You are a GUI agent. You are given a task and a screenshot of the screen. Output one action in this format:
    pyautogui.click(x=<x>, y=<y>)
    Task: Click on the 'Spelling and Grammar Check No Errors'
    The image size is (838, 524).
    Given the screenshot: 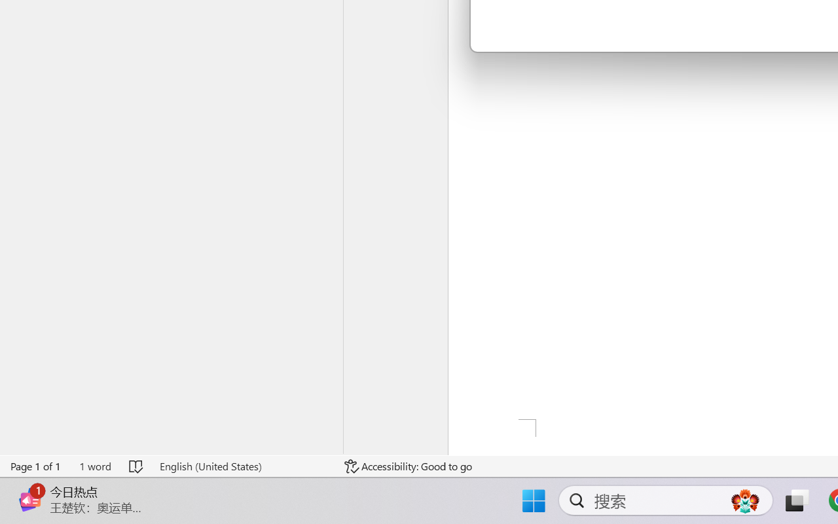 What is the action you would take?
    pyautogui.click(x=137, y=466)
    